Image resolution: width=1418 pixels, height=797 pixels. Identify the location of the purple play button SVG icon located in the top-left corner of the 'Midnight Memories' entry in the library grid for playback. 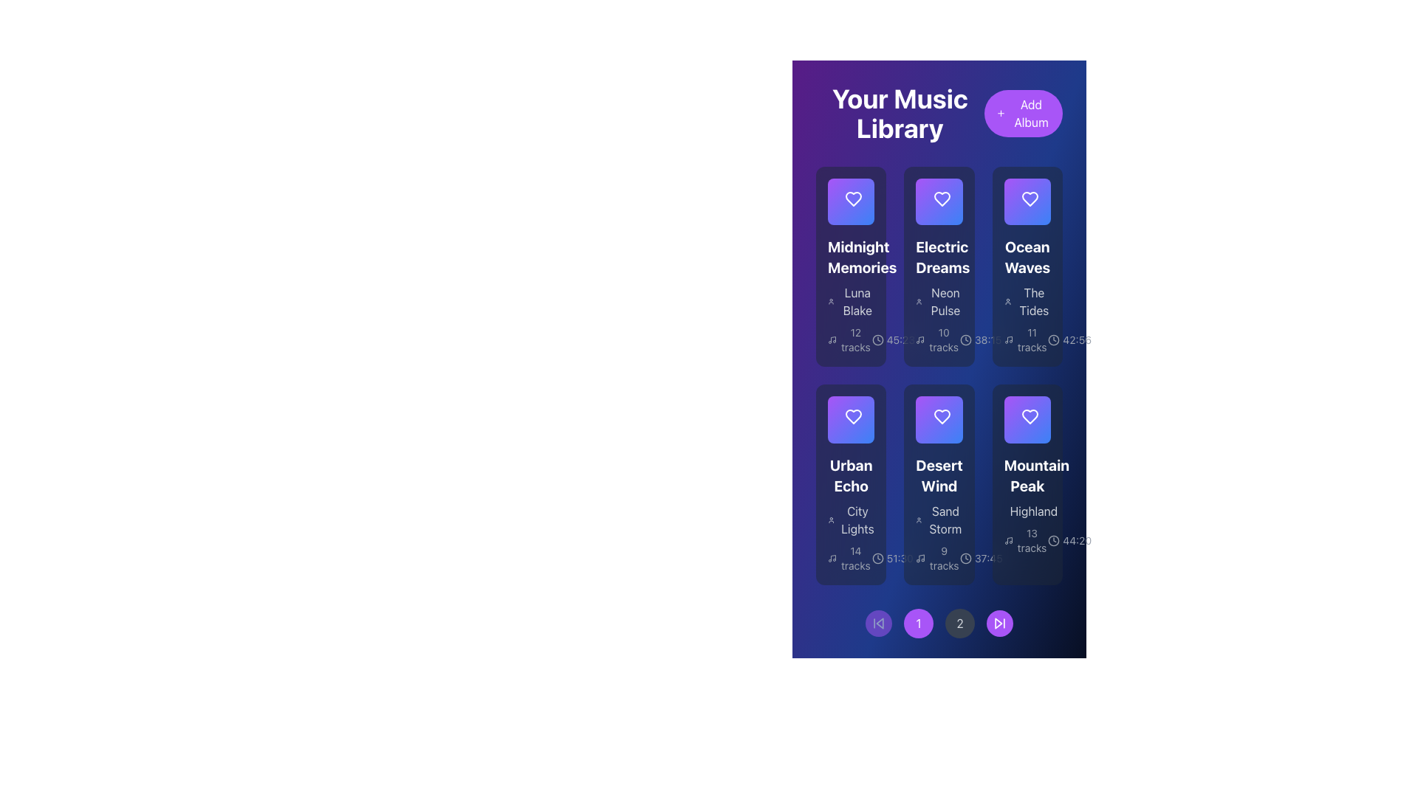
(851, 201).